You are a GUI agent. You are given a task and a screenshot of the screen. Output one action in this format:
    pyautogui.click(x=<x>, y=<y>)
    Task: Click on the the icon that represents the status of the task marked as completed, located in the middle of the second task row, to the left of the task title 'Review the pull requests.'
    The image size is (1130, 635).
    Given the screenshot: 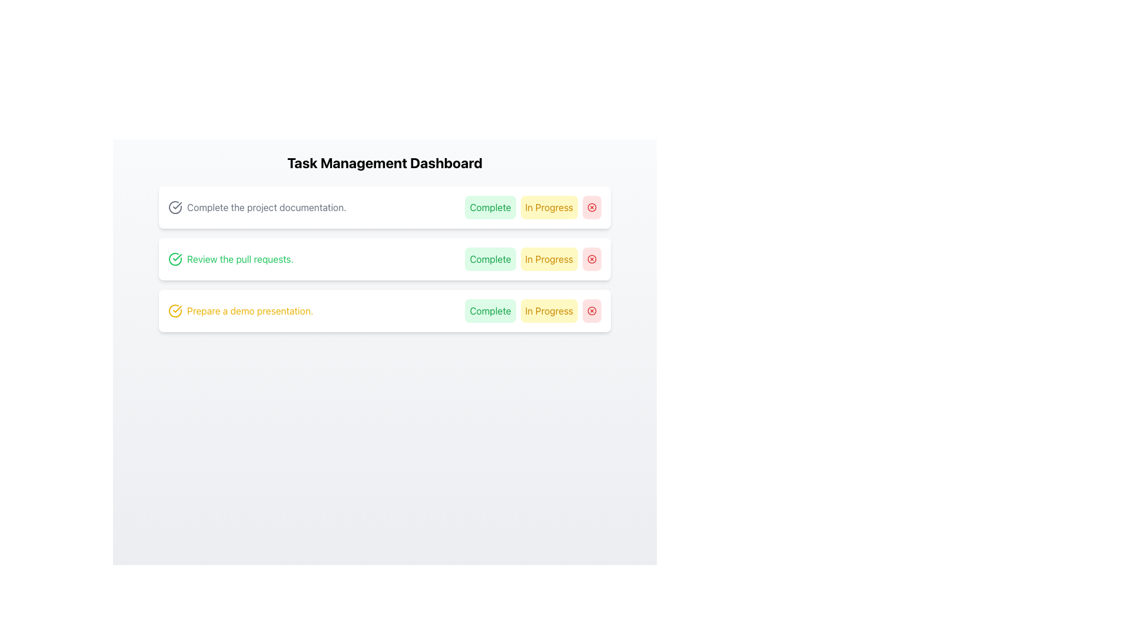 What is the action you would take?
    pyautogui.click(x=177, y=257)
    